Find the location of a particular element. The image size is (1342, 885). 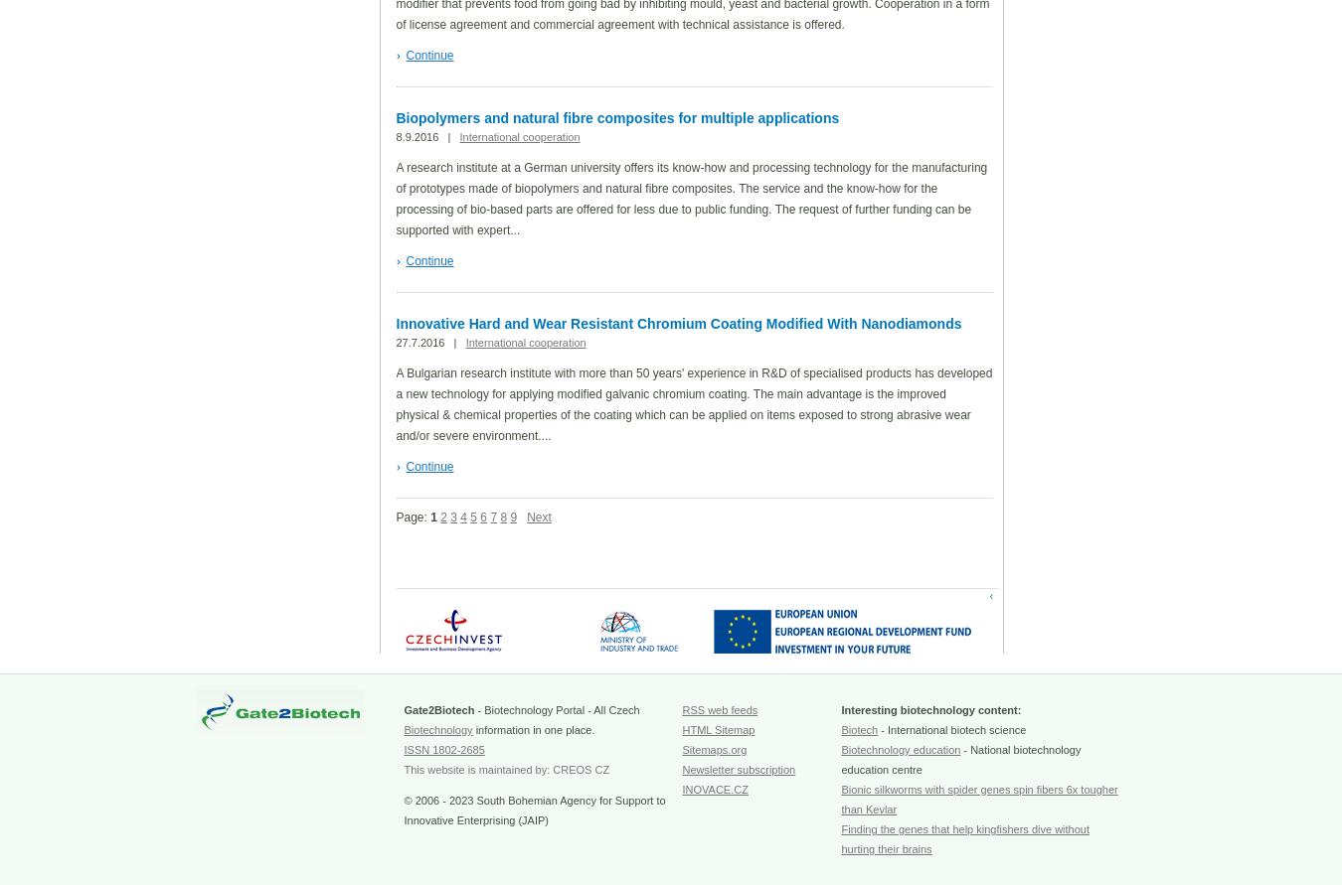

'- Biotechnology Portal - All Czech' is located at coordinates (472, 710).